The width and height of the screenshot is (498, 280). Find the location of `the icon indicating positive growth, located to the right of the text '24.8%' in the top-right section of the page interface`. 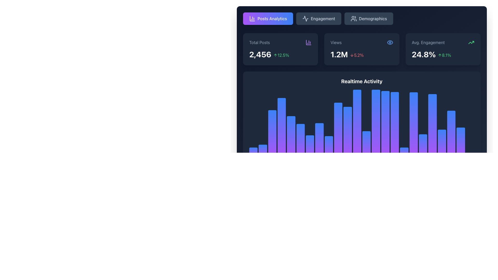

the icon indicating positive growth, located to the right of the text '24.8%' in the top-right section of the page interface is located at coordinates (444, 55).